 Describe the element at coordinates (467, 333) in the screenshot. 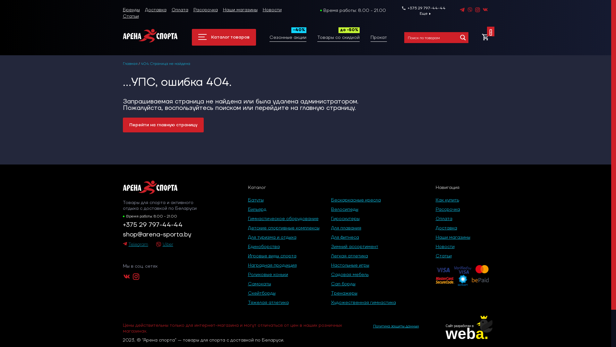

I see `'weba.'` at that location.